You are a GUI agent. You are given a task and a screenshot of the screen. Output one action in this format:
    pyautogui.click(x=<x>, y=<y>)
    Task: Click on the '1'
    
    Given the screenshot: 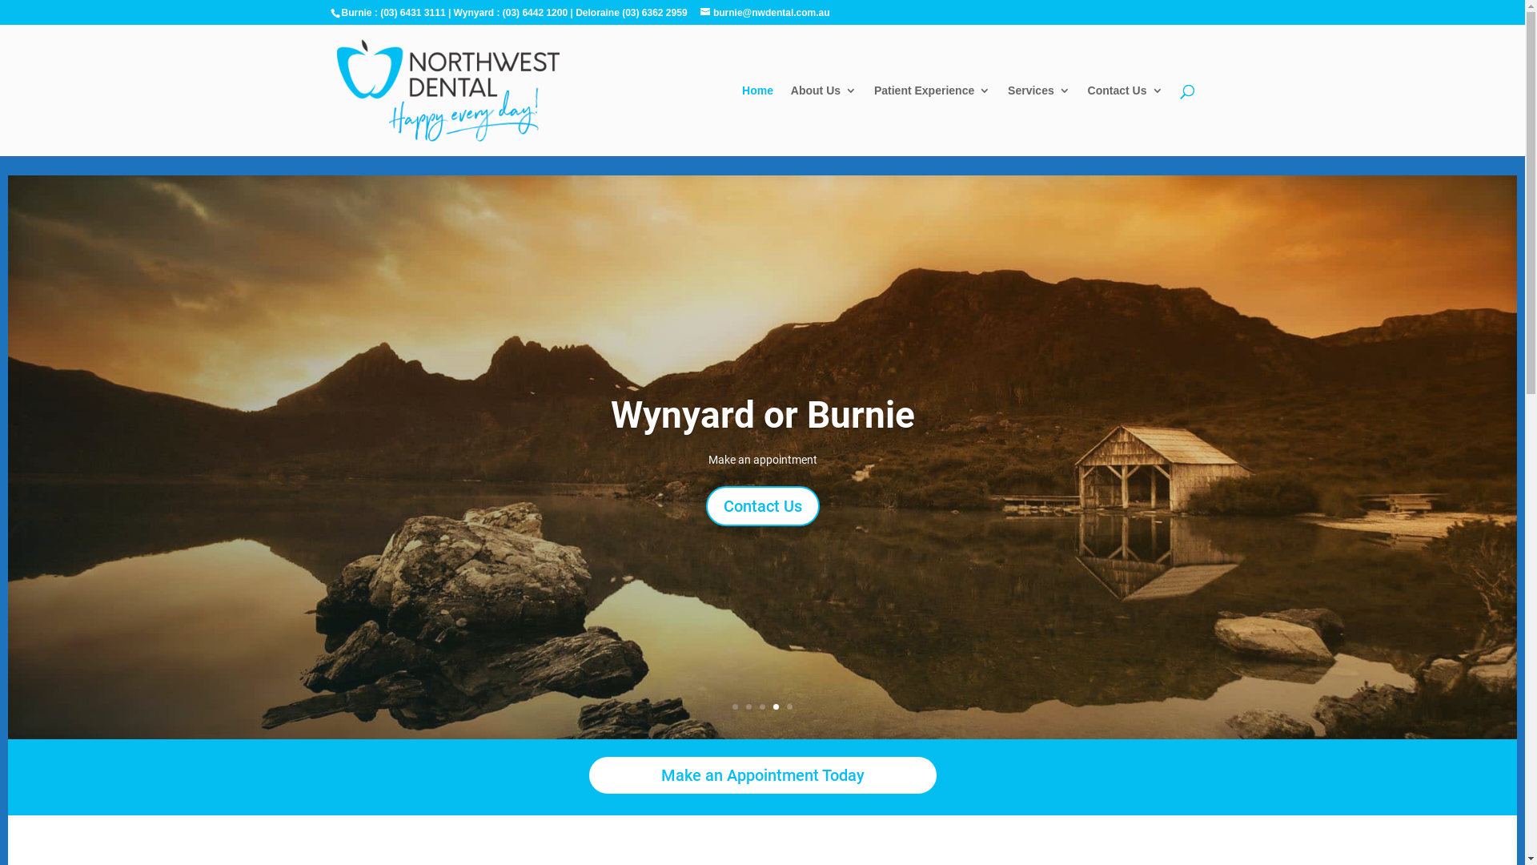 What is the action you would take?
    pyautogui.click(x=734, y=706)
    